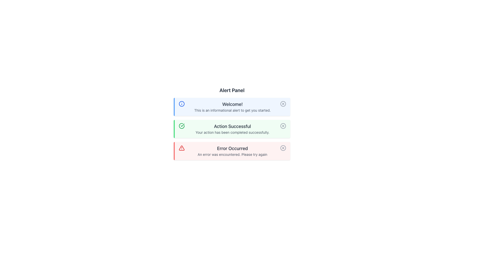 The width and height of the screenshot is (482, 271). Describe the element at coordinates (232, 148) in the screenshot. I see `the text 'Error Occurred' displayed in a medium font size, gray color, within a red alert box at the bottom of the alert panel` at that location.